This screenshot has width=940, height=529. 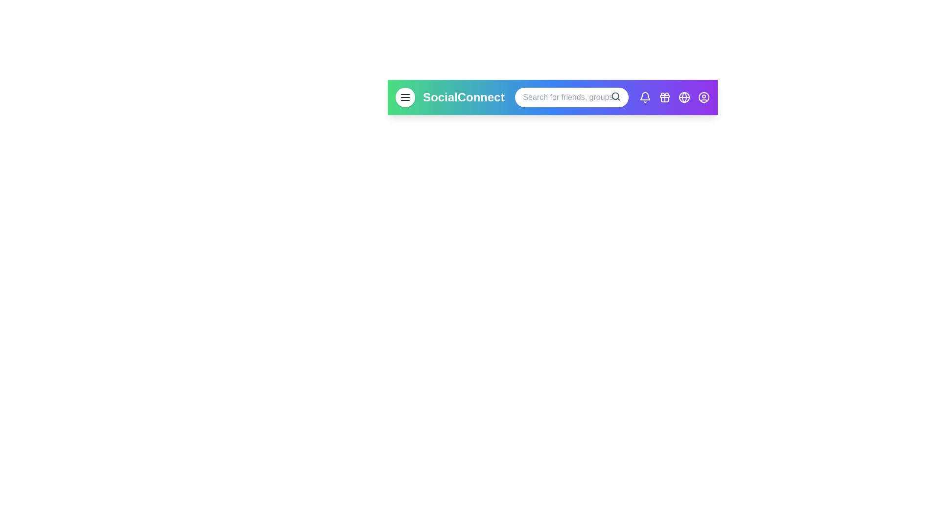 What do you see at coordinates (405, 97) in the screenshot?
I see `the menu button to open the navigation menu` at bounding box center [405, 97].